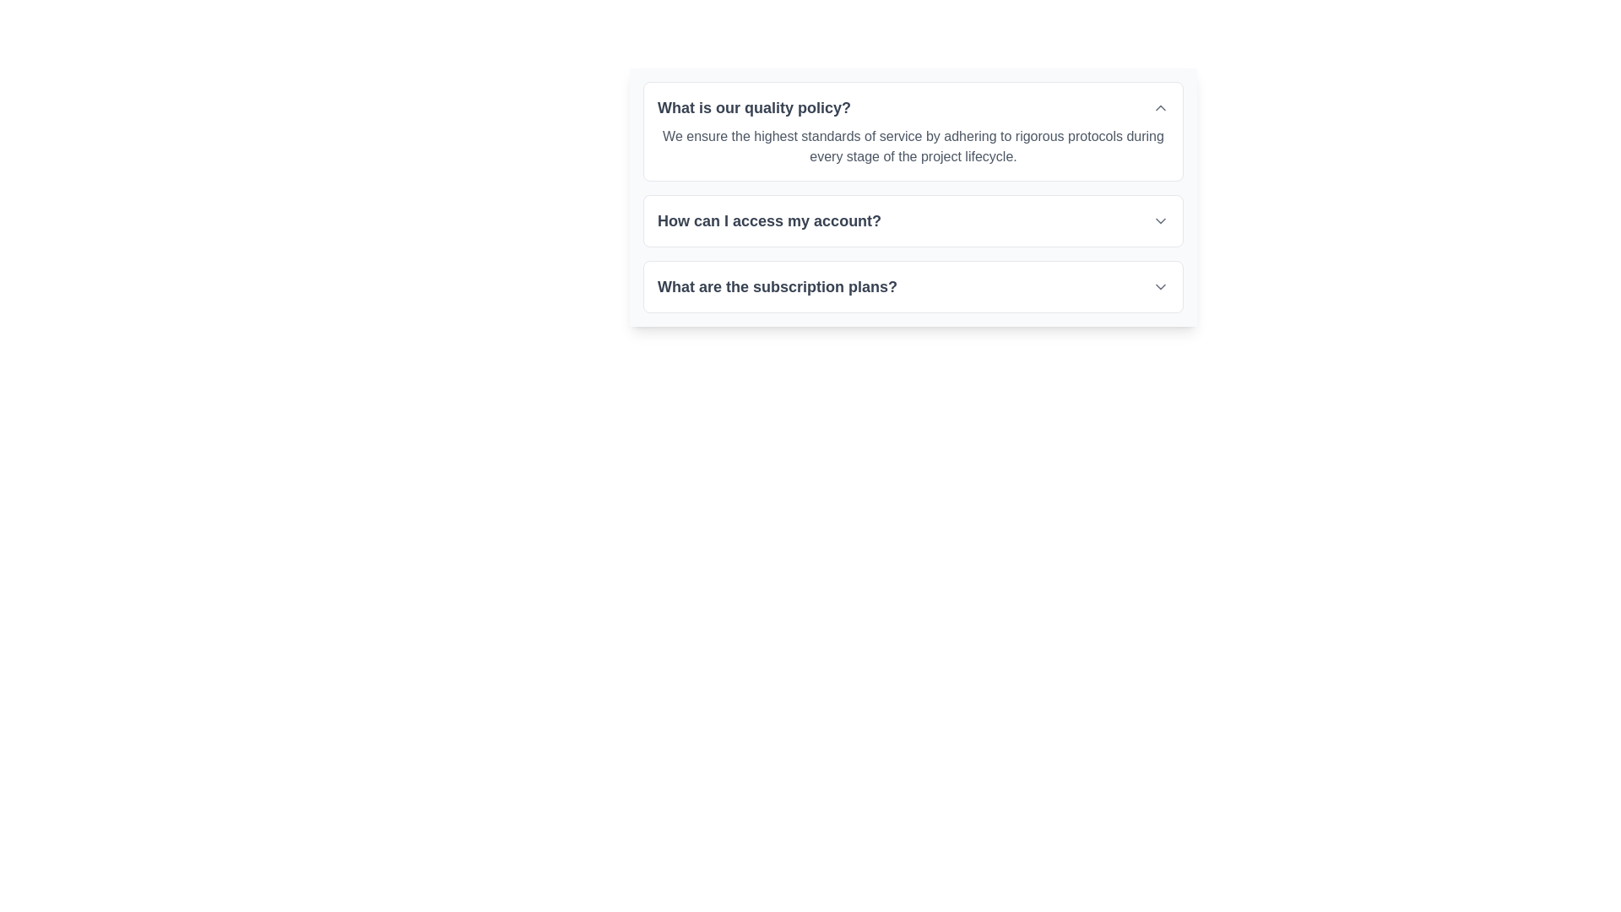 This screenshot has height=912, width=1621. What do you see at coordinates (912, 145) in the screenshot?
I see `paragraph of text styled in gray, aligned to the left, which is positioned below the heading 'What is our quality policy?'` at bounding box center [912, 145].